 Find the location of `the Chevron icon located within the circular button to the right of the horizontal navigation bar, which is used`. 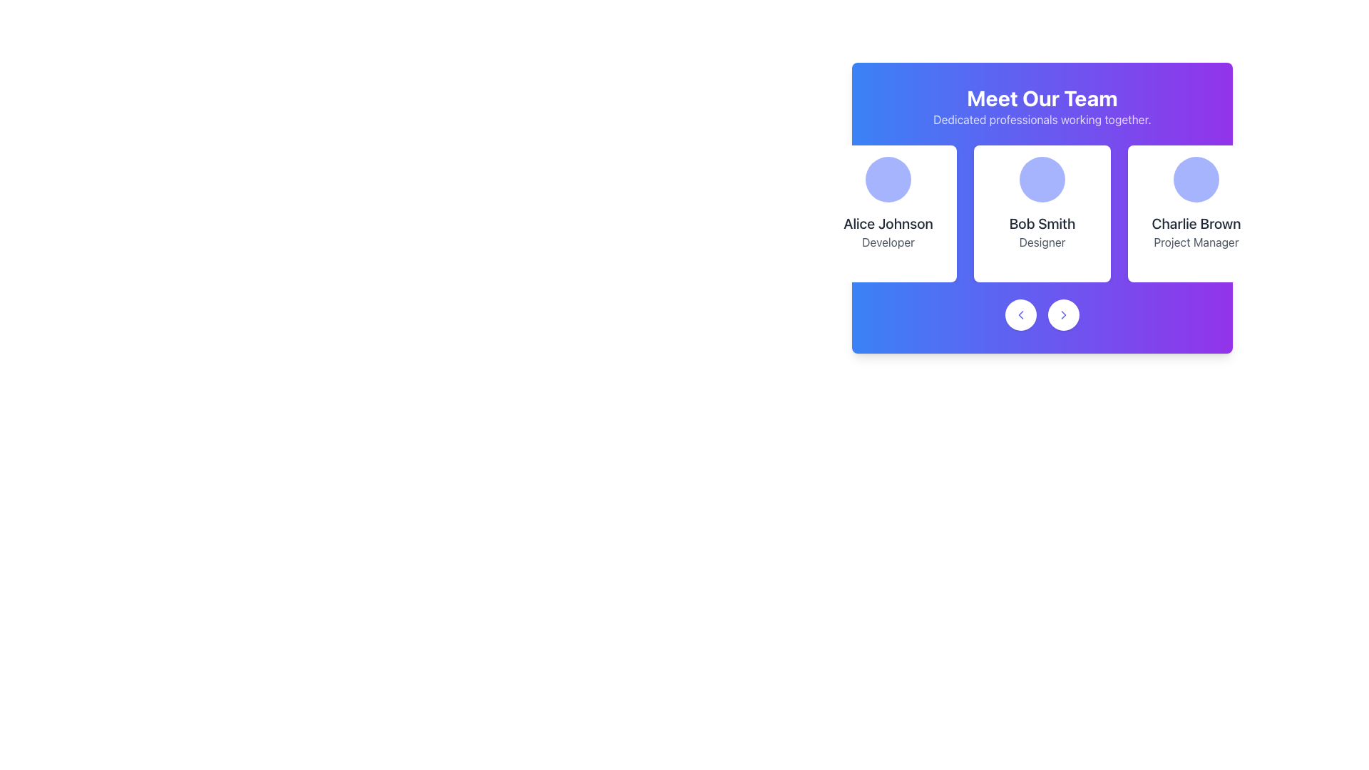

the Chevron icon located within the circular button to the right of the horizontal navigation bar, which is used is located at coordinates (1064, 314).